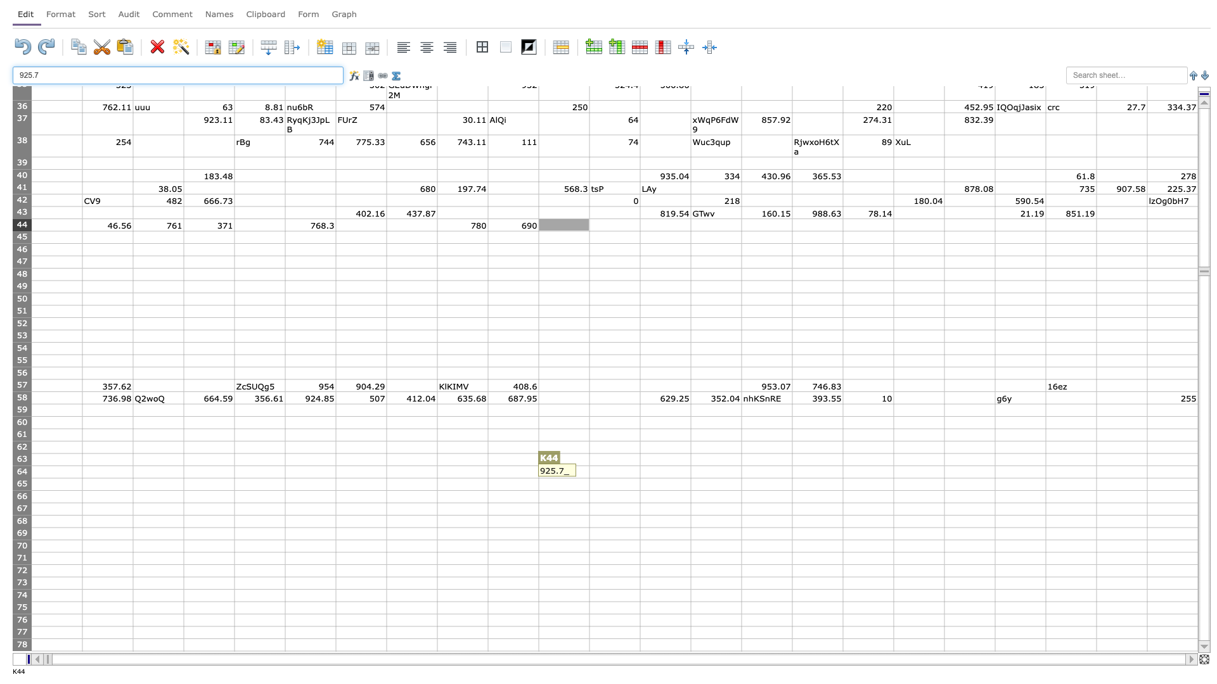 The image size is (1217, 684). I want to click on fill handle point of R64, so click(944, 478).